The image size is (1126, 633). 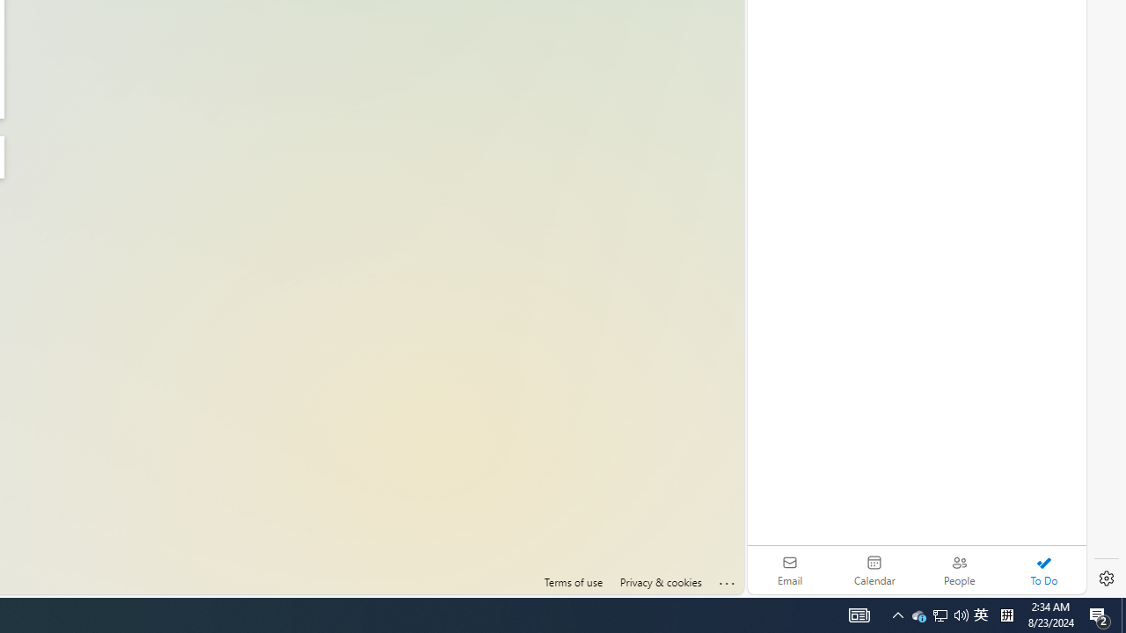 I want to click on 'Click here for troubleshooting information', so click(x=728, y=579).